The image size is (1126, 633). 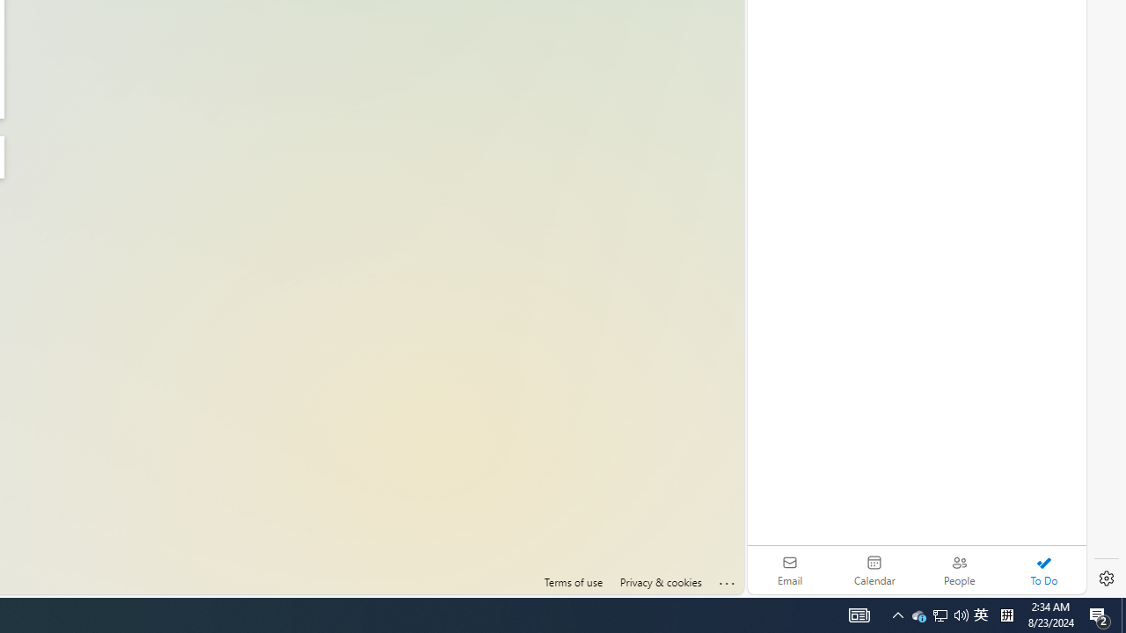 I want to click on 'Click here for troubleshooting information', so click(x=728, y=579).